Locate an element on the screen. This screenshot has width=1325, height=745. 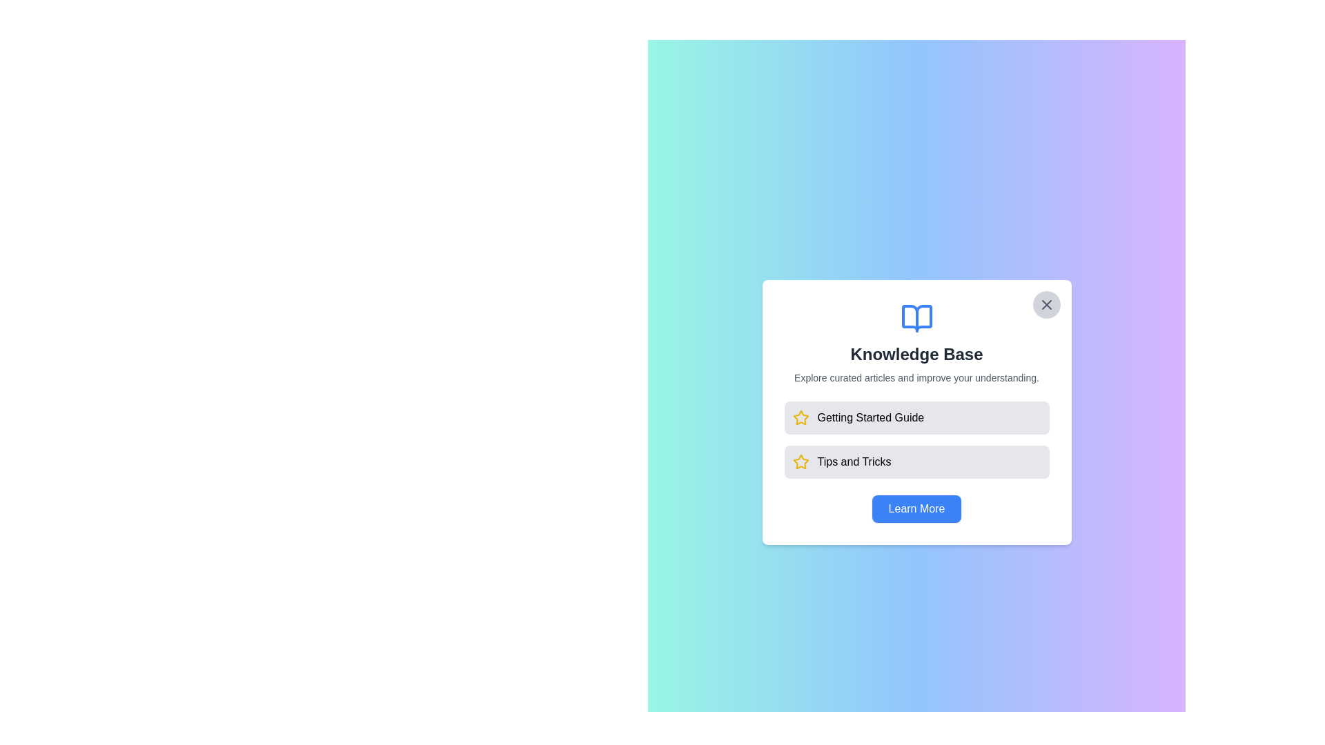
the lower section of the grouped list item labeled 'Tips and Tricks' is located at coordinates (916, 439).